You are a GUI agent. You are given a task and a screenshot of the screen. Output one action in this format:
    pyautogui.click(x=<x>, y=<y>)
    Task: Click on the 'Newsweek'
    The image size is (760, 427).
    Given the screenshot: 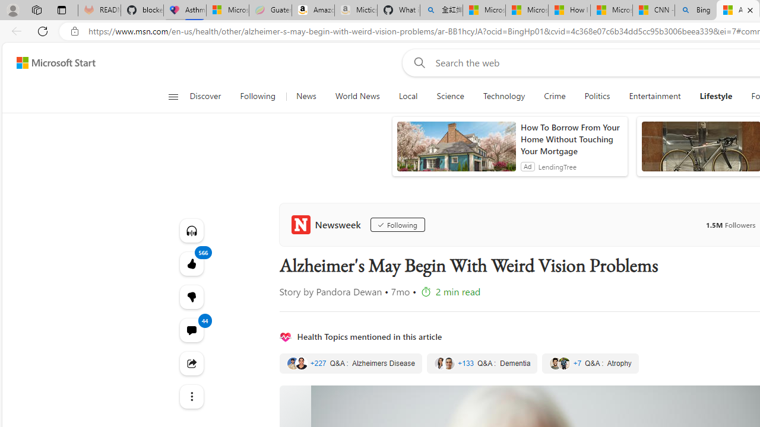 What is the action you would take?
    pyautogui.click(x=328, y=225)
    